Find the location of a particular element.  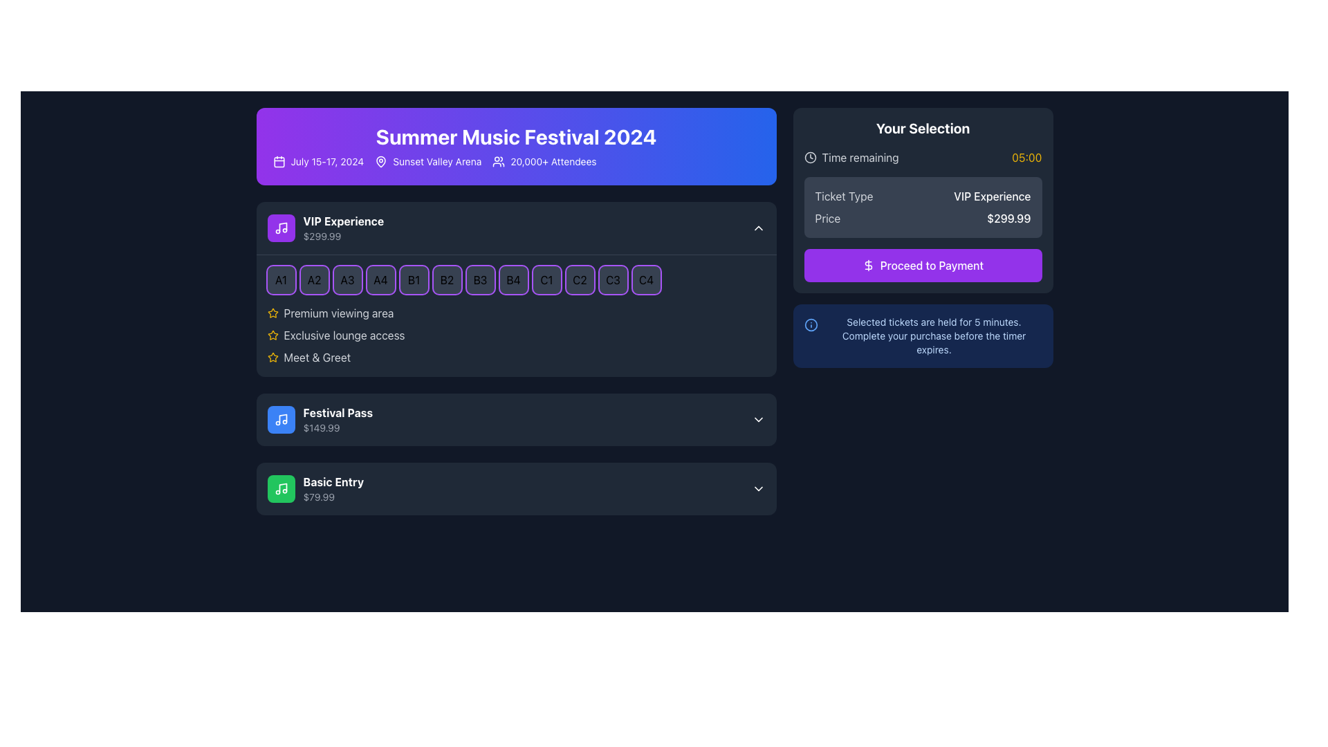

the Text Label displaying the message 'Selected tickets are held for 5 minutes. Complete your purchase before the timer expires.' located in the bottom-right section of the interface is located at coordinates (934, 336).